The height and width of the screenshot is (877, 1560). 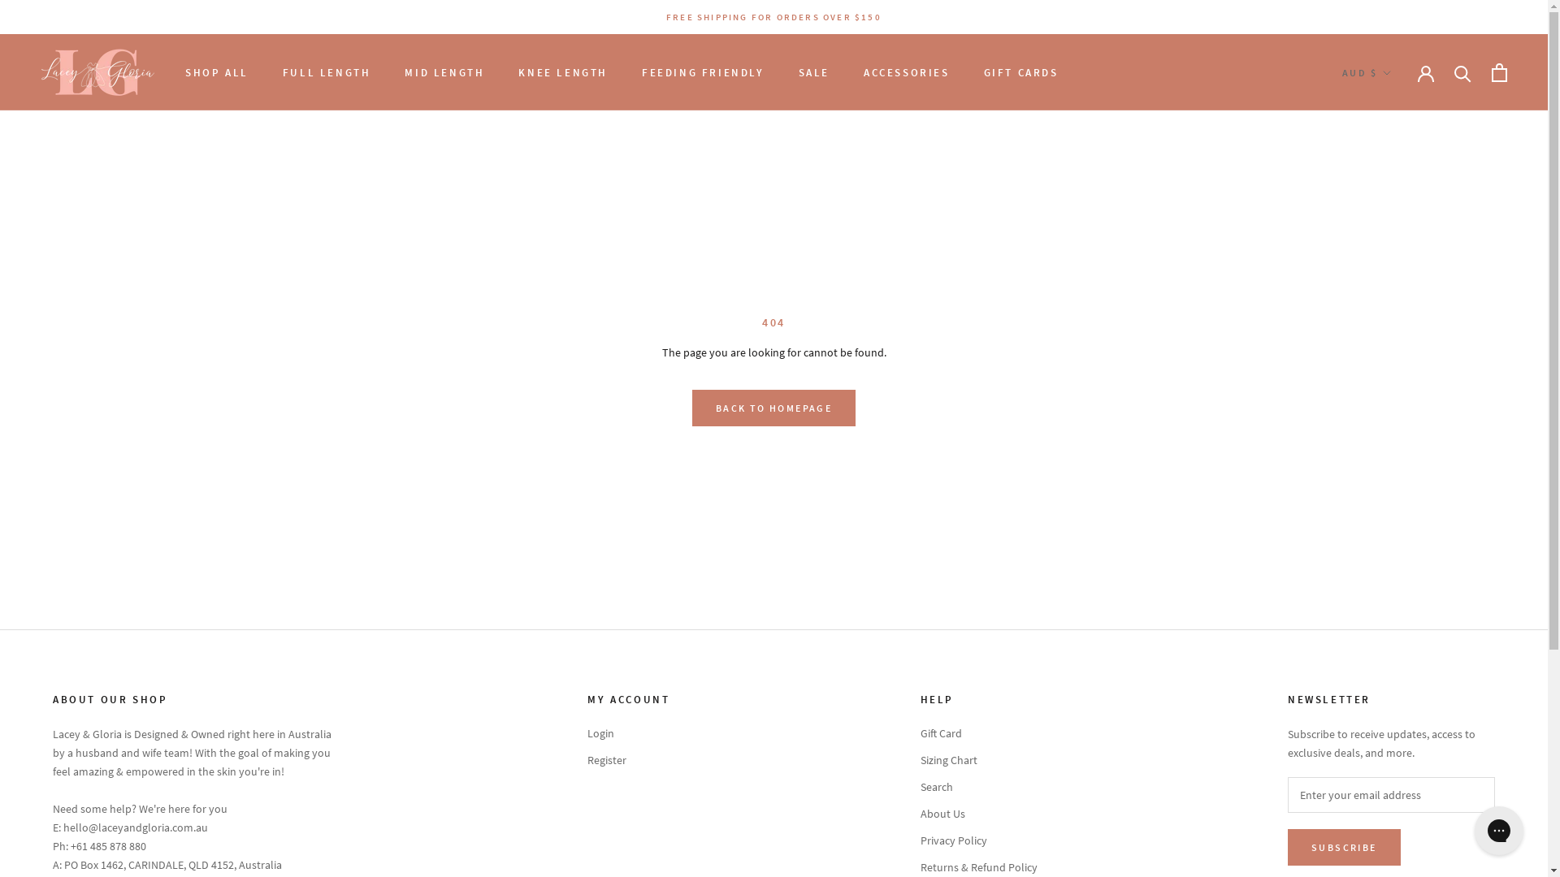 What do you see at coordinates (1341, 181) in the screenshot?
I see `'HKD'` at bounding box center [1341, 181].